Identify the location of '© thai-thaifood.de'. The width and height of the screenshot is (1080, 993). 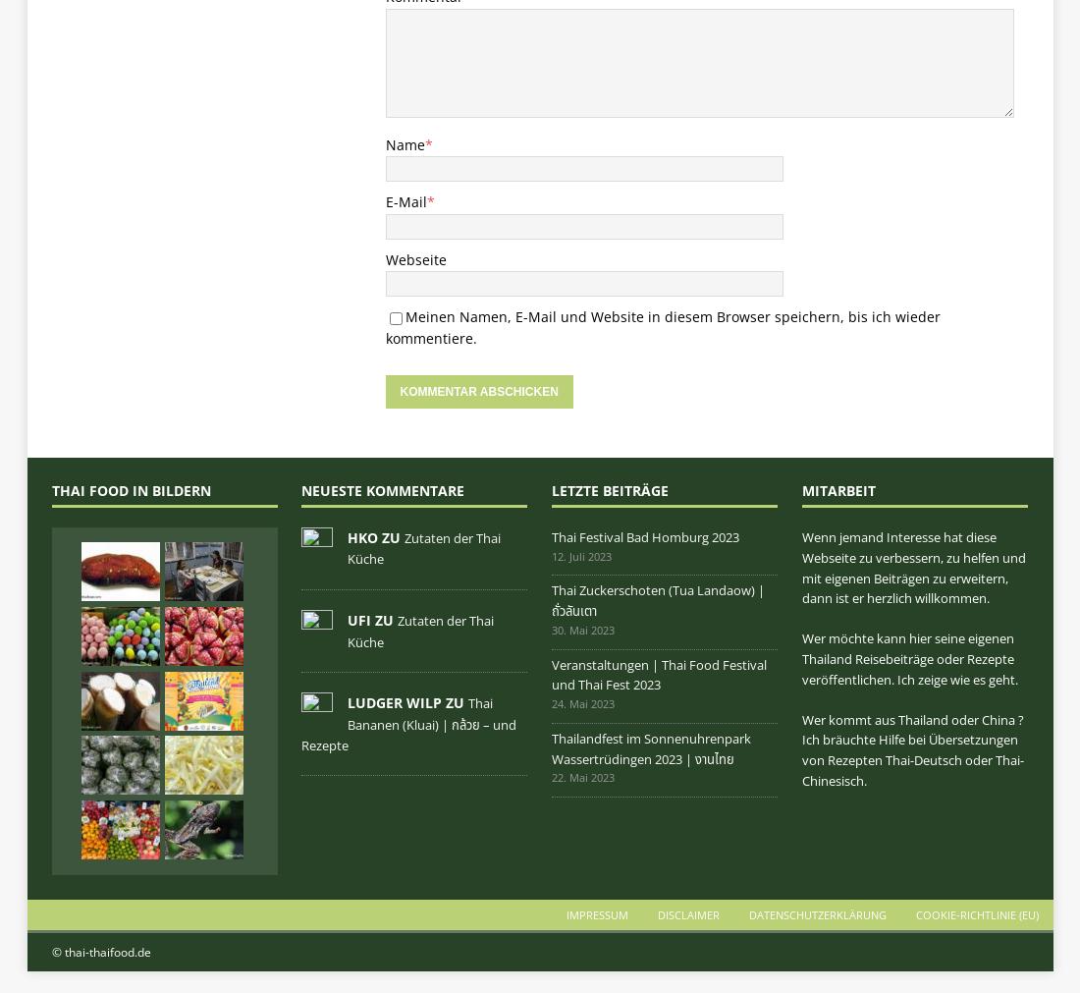
(100, 952).